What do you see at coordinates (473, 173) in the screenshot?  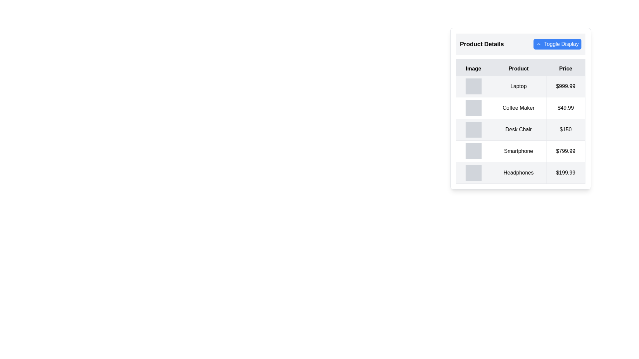 I see `the image placeholder for the 'Headphones' product, located in the last row of the table within the 'Image' column` at bounding box center [473, 173].